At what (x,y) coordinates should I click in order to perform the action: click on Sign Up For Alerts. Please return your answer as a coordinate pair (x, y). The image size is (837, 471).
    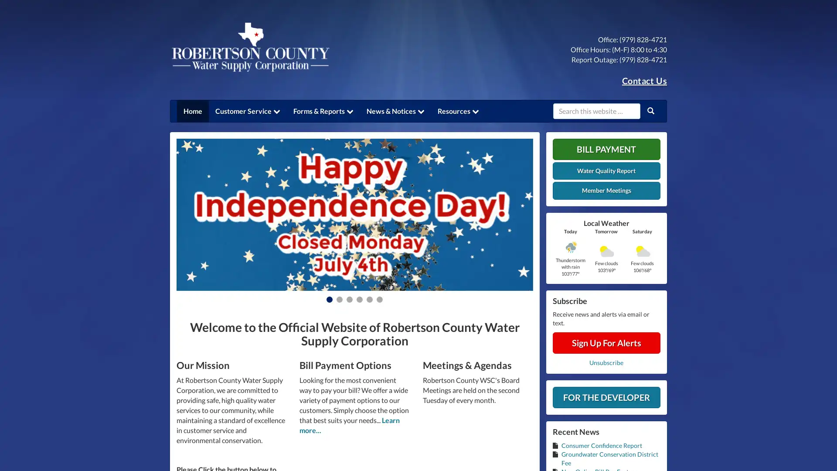
    Looking at the image, I should click on (606, 342).